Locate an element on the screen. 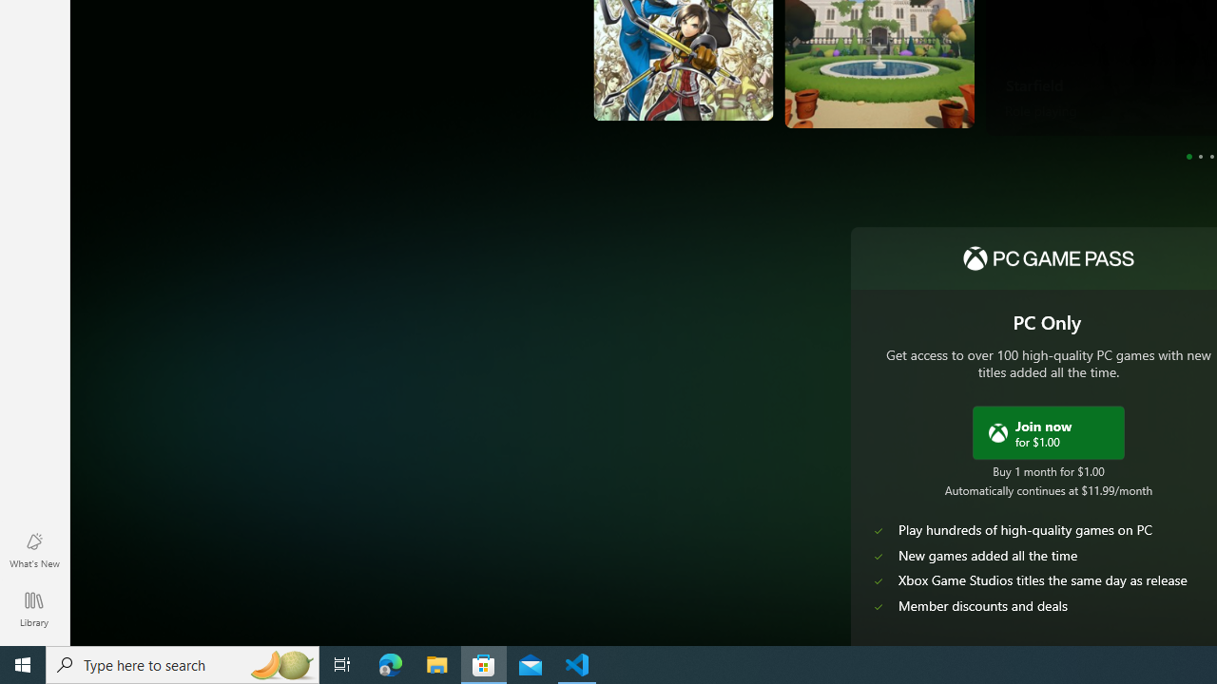 The image size is (1217, 684). 'Play Trailer' is located at coordinates (1100, 96).